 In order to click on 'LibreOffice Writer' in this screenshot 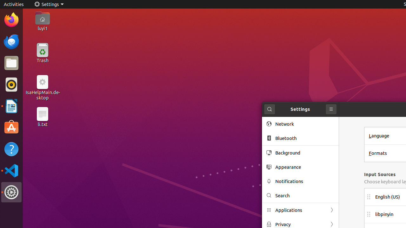, I will do `click(11, 106)`.